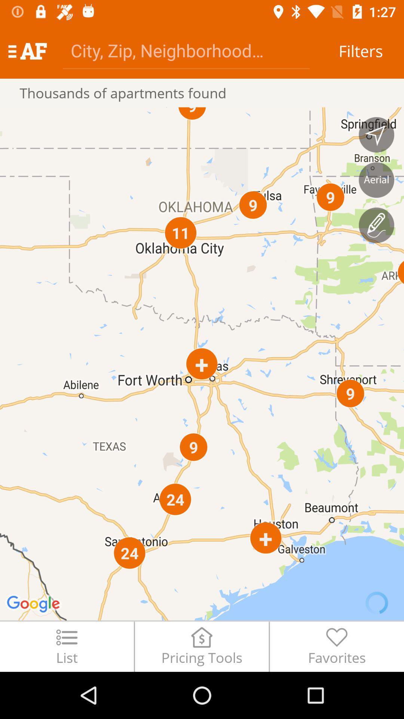 This screenshot has height=719, width=404. Describe the element at coordinates (201, 646) in the screenshot. I see `the item to the right of the list` at that location.